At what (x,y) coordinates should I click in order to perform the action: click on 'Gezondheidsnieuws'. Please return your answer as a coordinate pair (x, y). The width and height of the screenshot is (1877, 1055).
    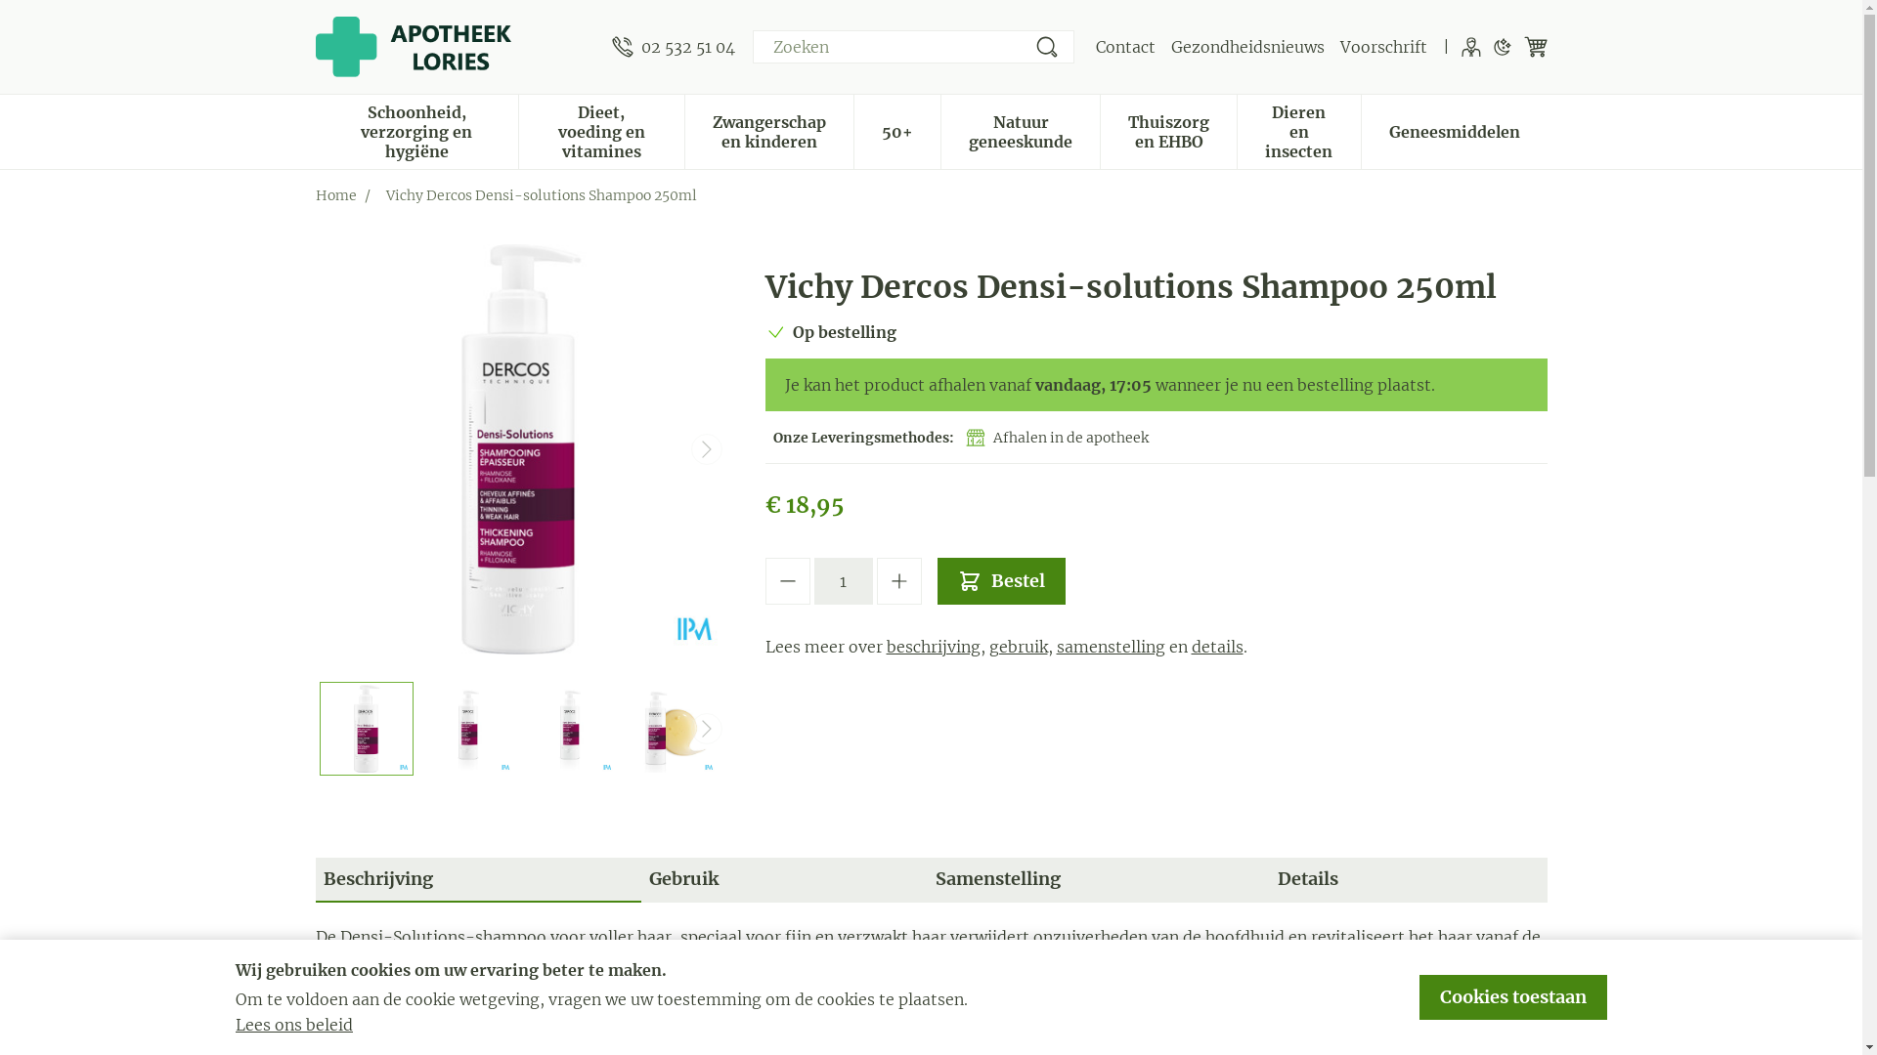
    Looking at the image, I should click on (1246, 45).